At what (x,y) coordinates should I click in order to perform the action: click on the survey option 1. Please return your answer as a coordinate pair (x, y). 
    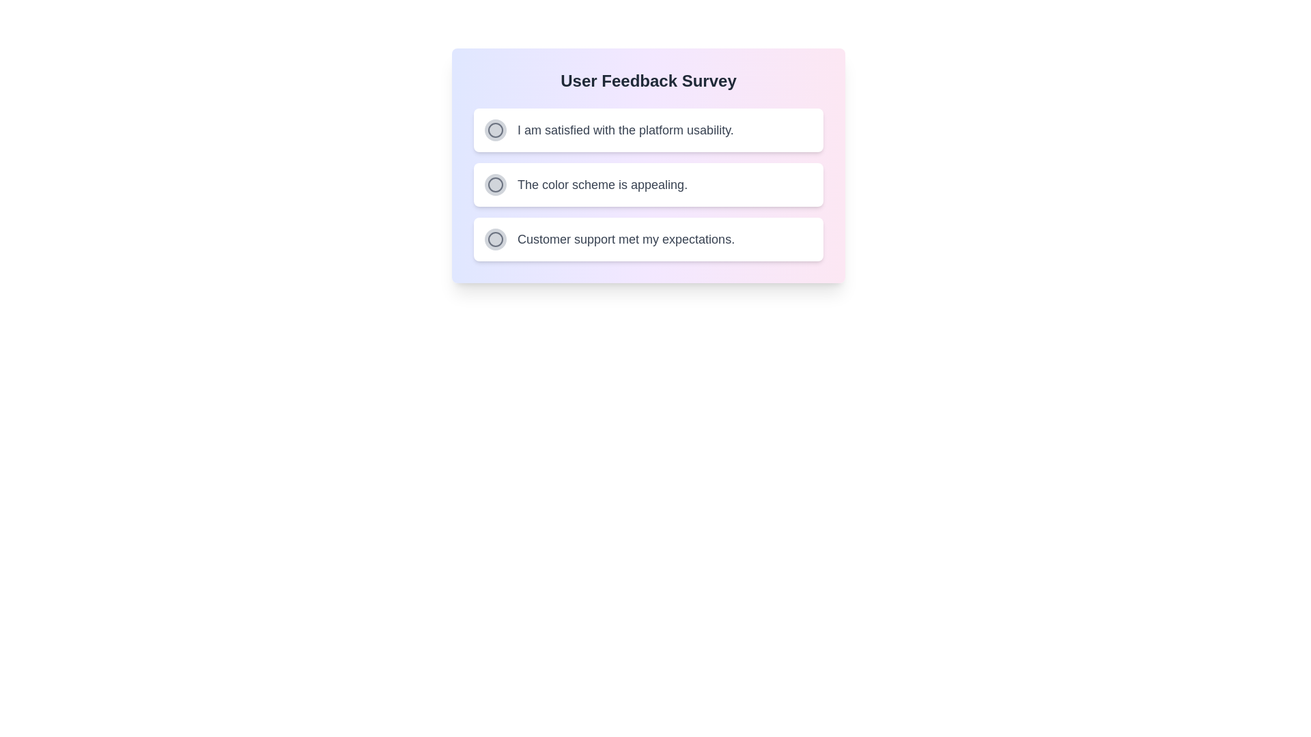
    Looking at the image, I should click on (494, 130).